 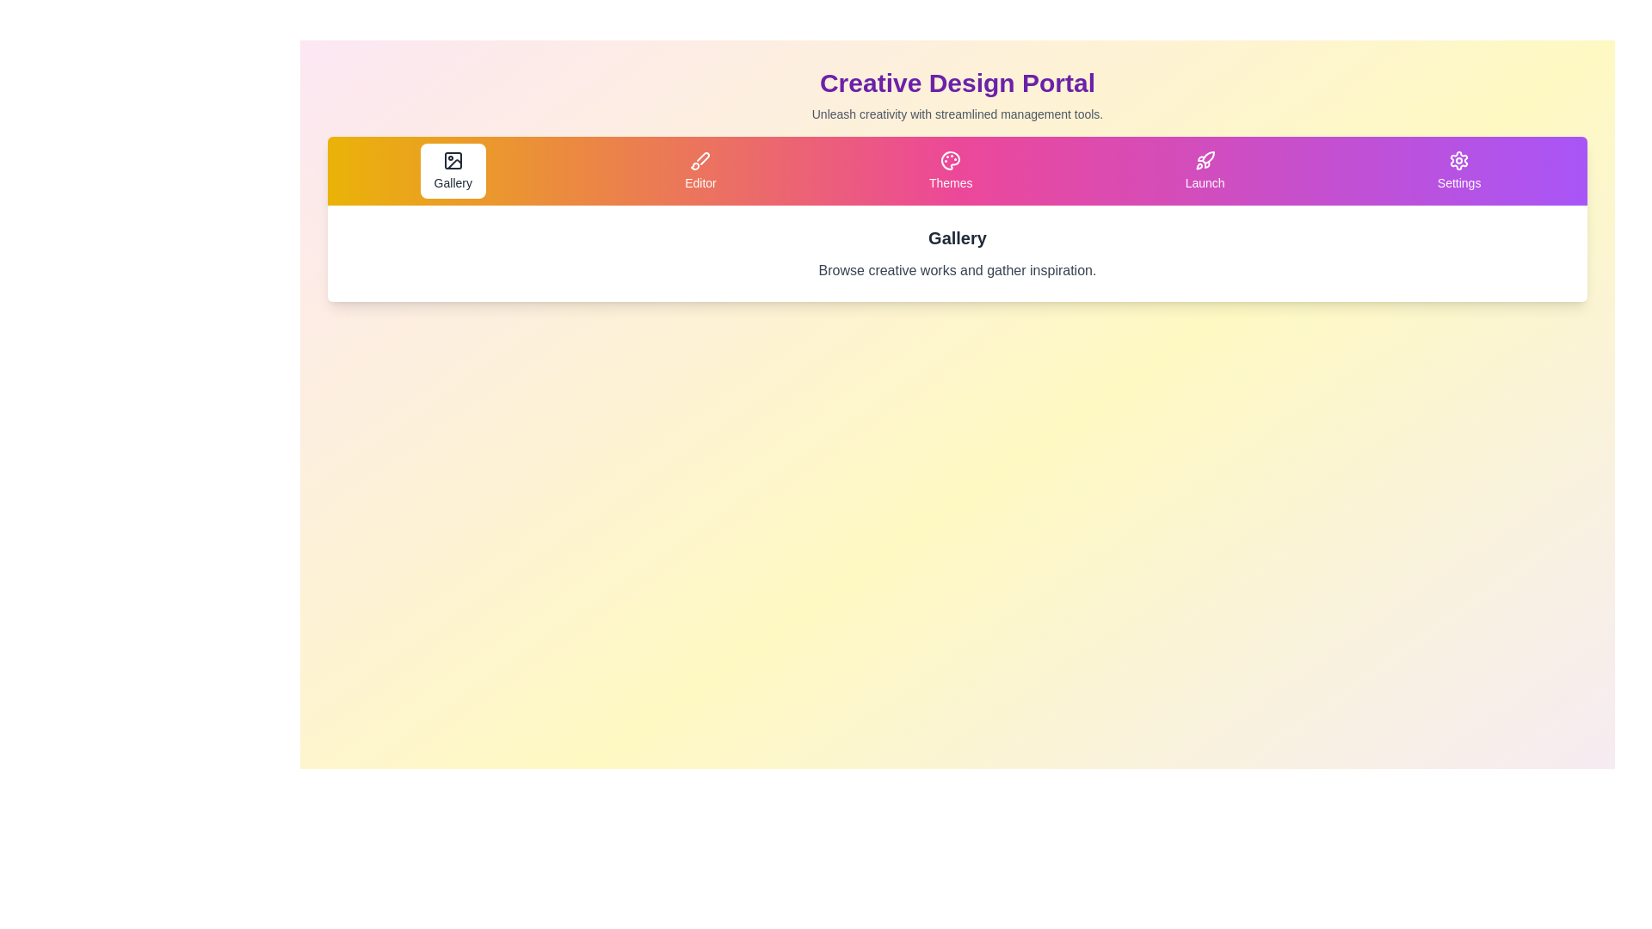 What do you see at coordinates (957, 271) in the screenshot?
I see `the text element reading 'Browse creative works and gather inspiration.' which is styled with a gray font and positioned below the 'Gallery' heading` at bounding box center [957, 271].